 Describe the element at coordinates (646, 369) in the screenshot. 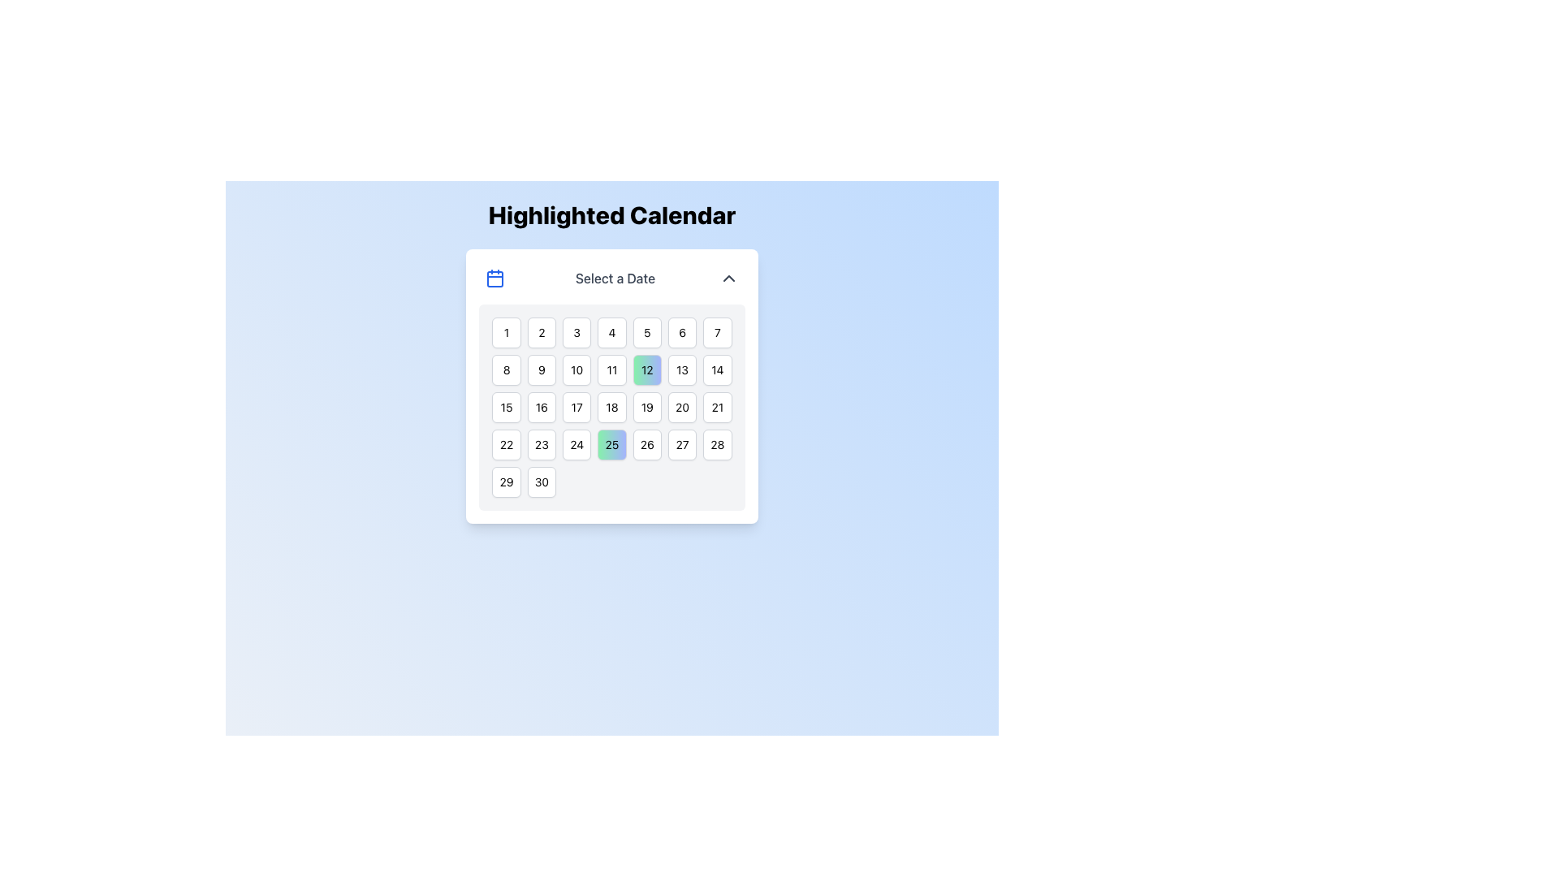

I see `the button representing the 12th day of the month in the calendar control` at that location.